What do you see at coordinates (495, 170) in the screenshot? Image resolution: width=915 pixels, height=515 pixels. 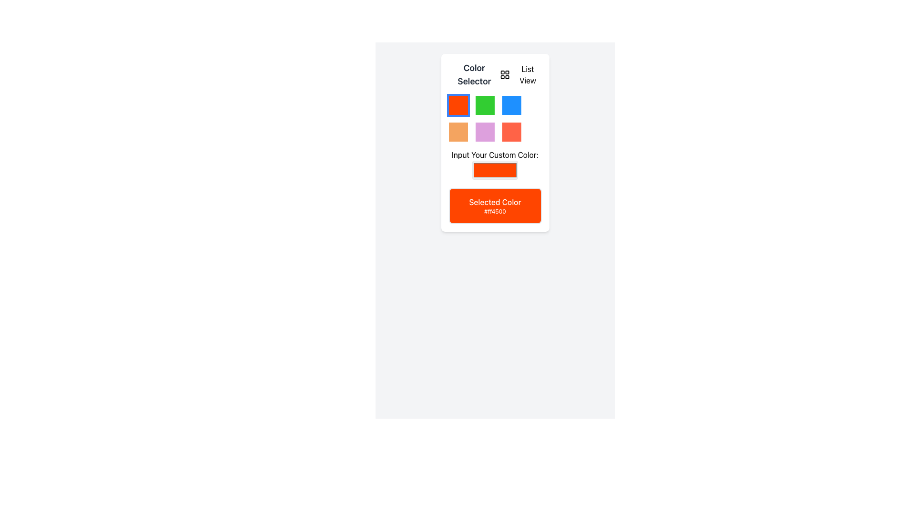 I see `the orange color input field with a gray border located in the 'Input Your Custom Color:' section` at bounding box center [495, 170].